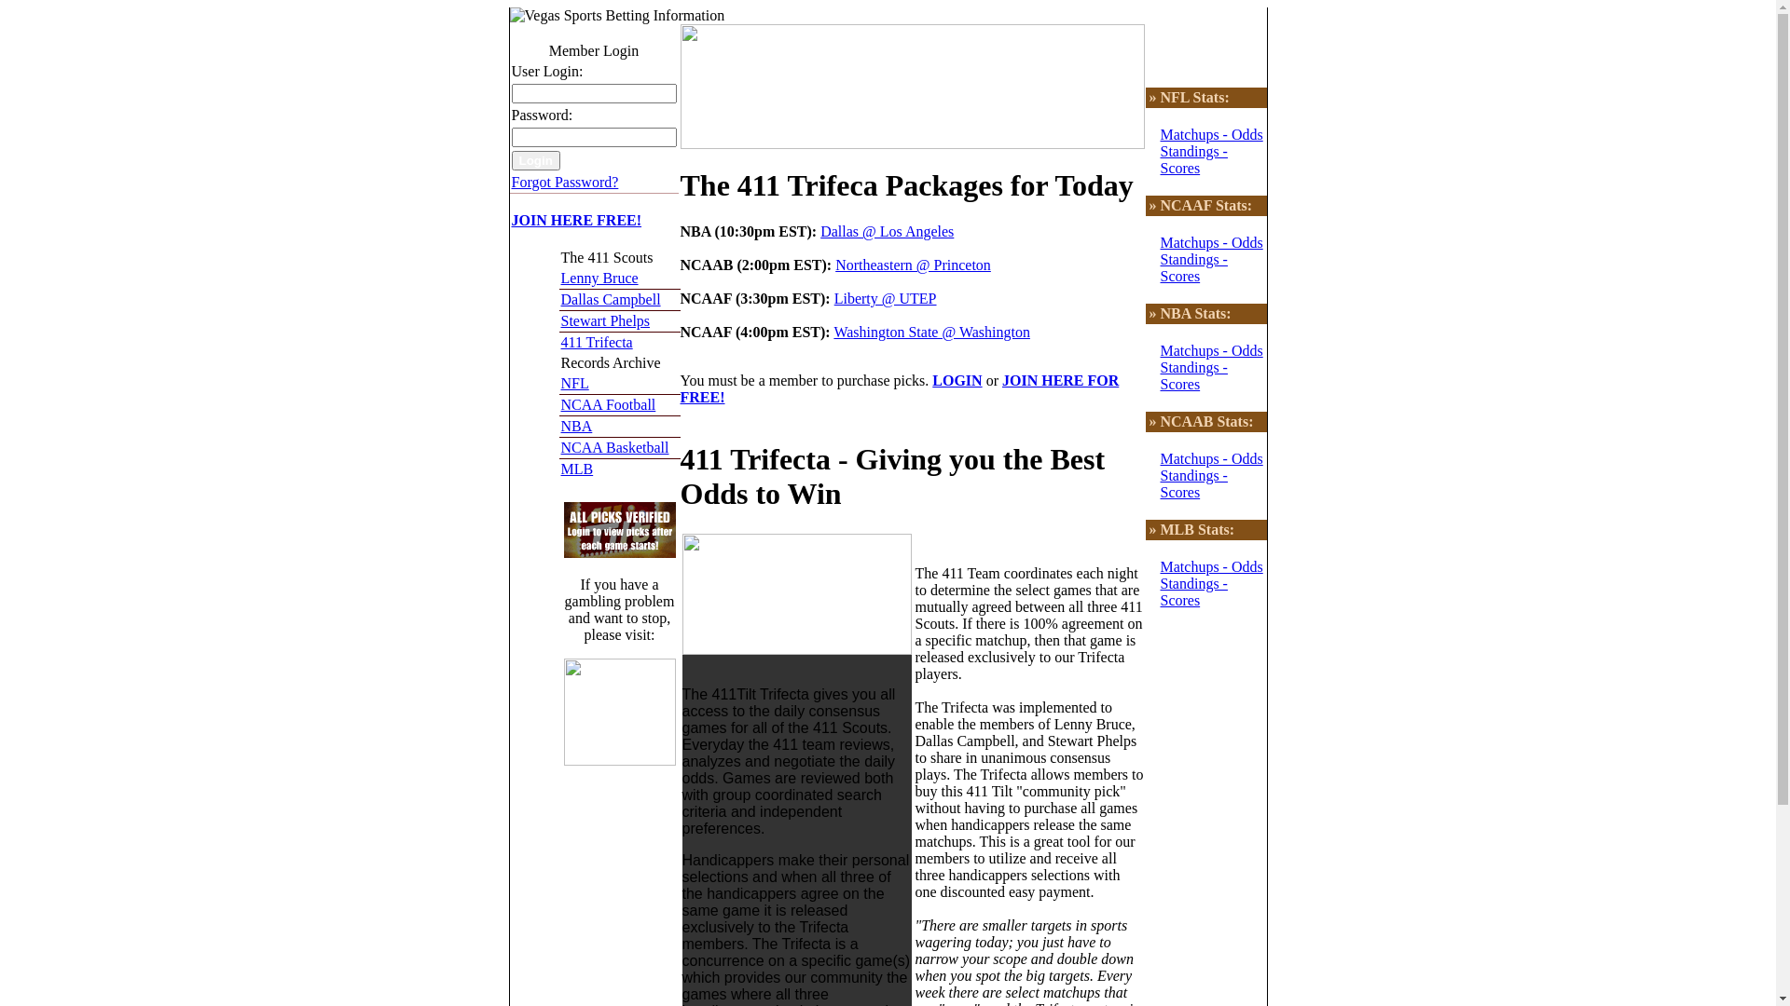 This screenshot has height=1006, width=1790. I want to click on 'NBA', so click(576, 426).